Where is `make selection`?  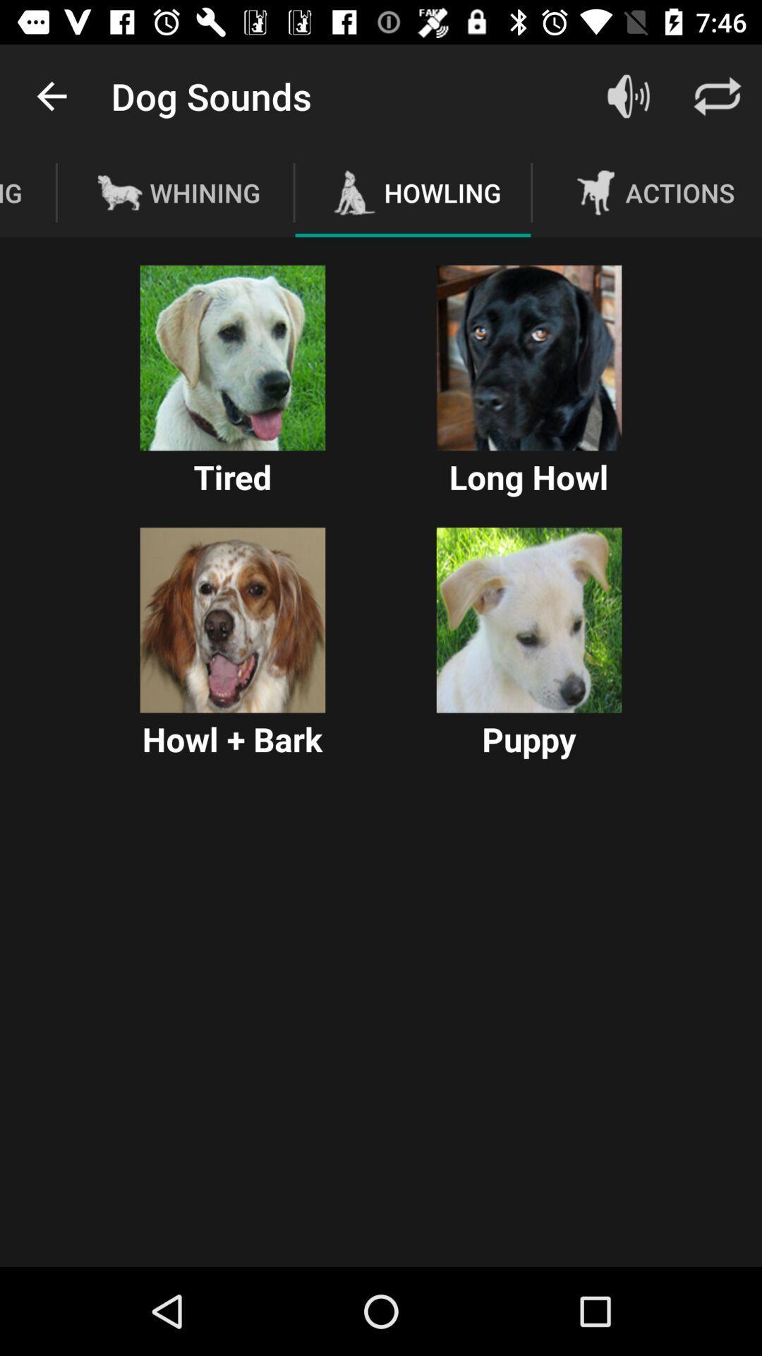 make selection is located at coordinates (232, 620).